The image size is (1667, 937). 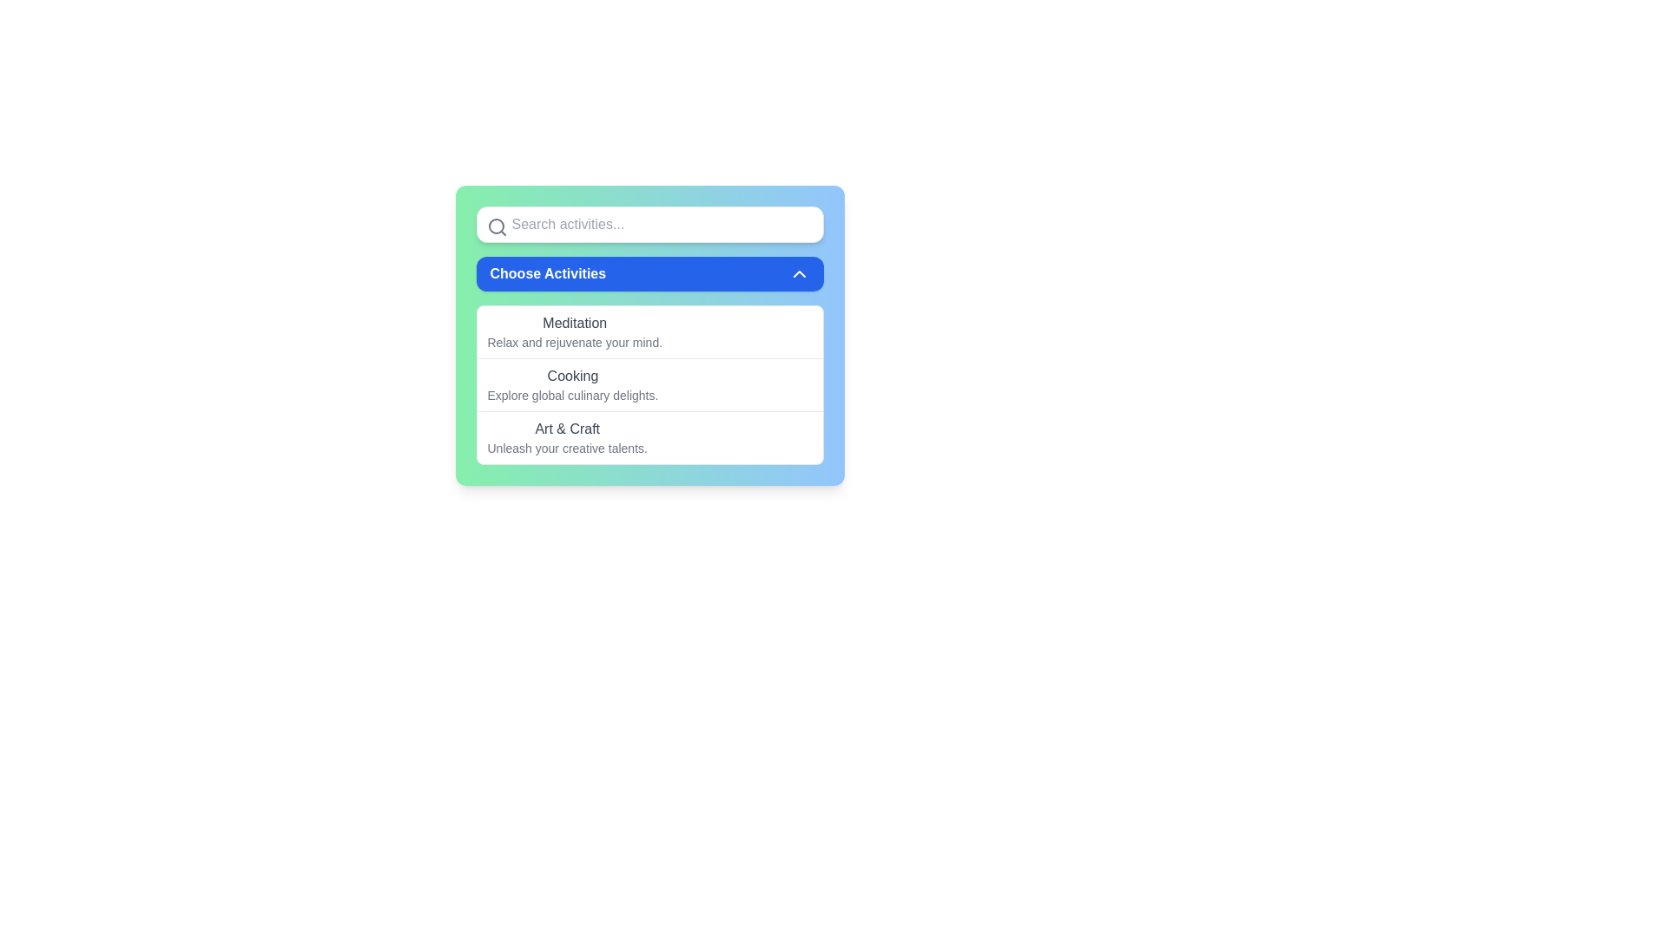 I want to click on static text element that serves as the header for the activity list item labeled 'Art & Craft', positioned below 'Cooking' and 'Meditation', so click(x=567, y=429).